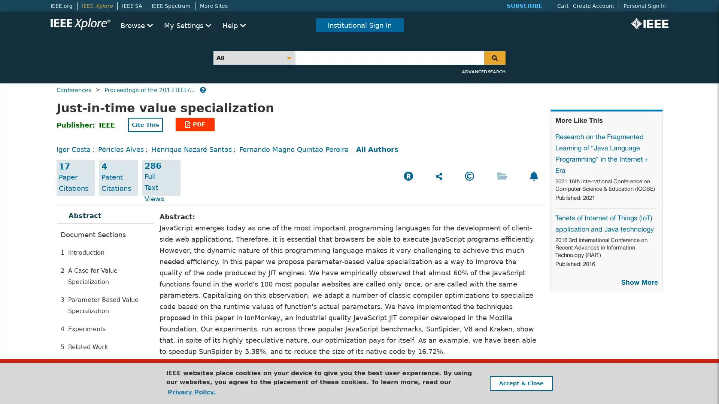  I want to click on 17 Paper Citations, so click(75, 178).